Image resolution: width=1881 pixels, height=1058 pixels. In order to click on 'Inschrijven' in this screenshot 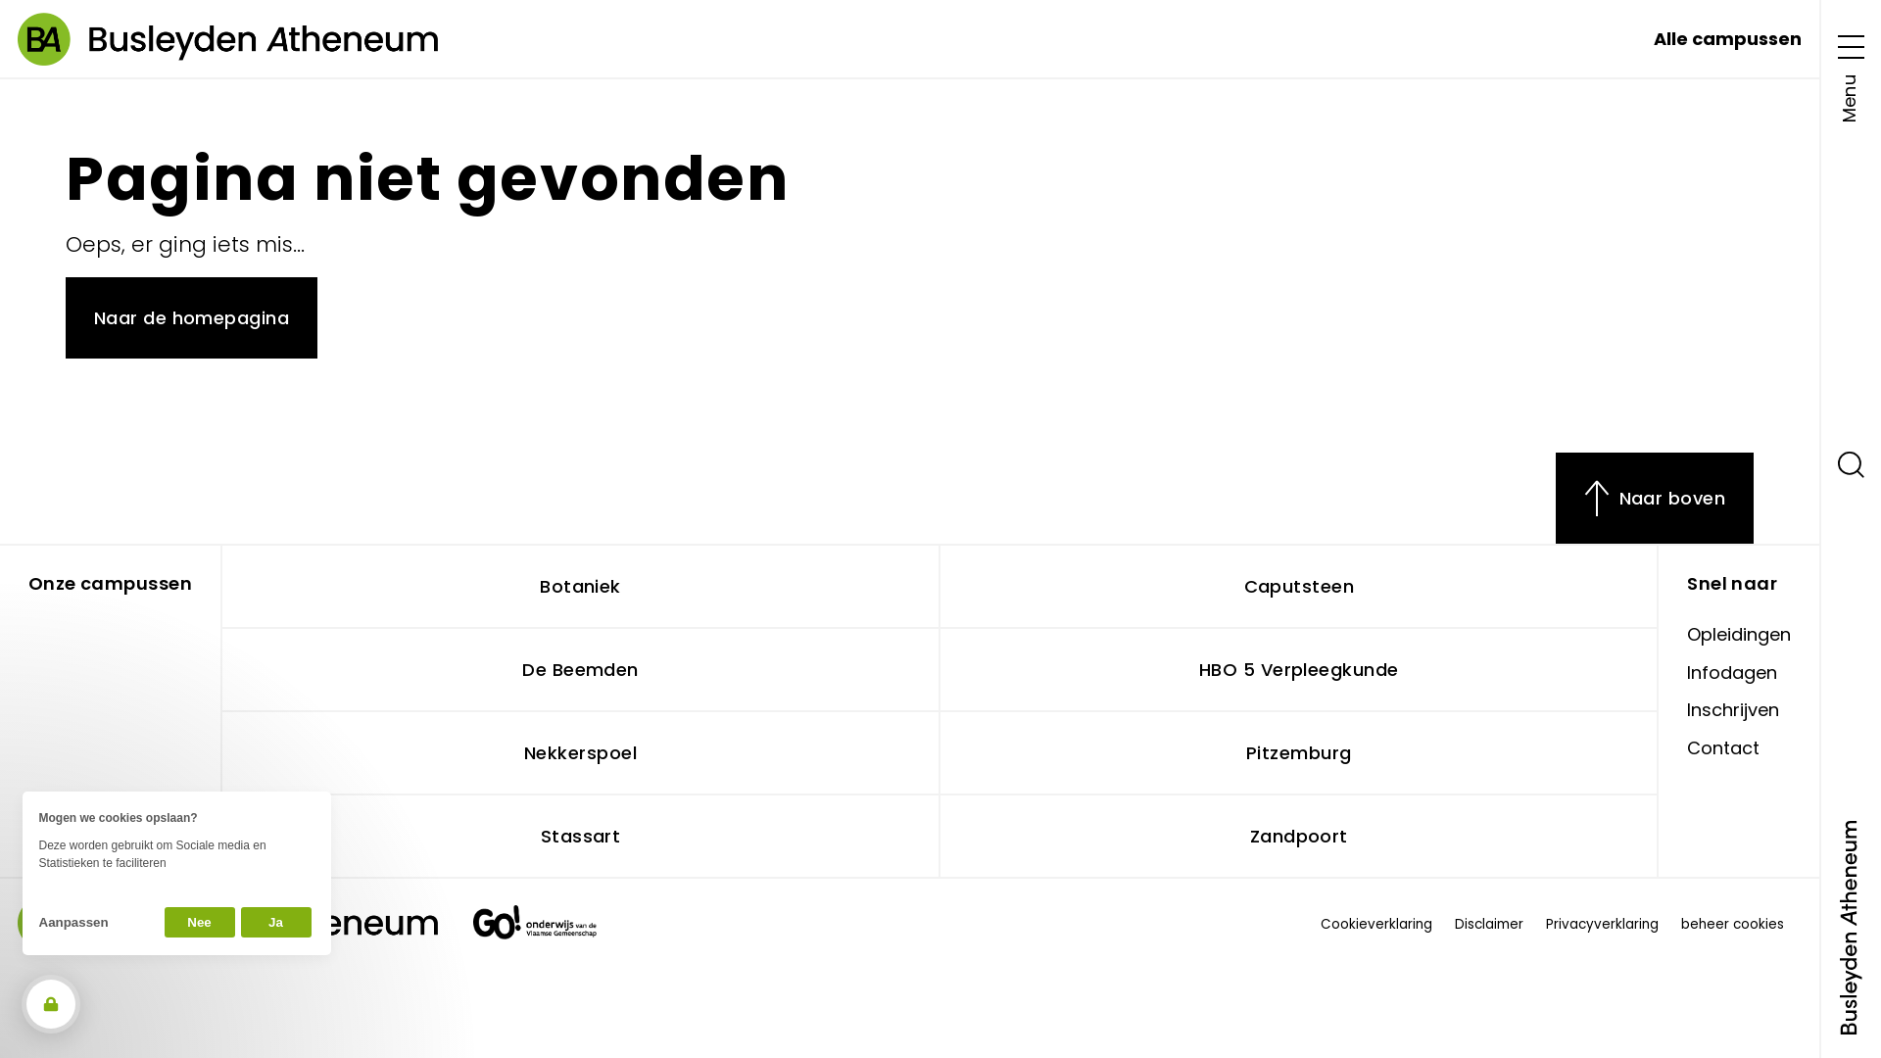, I will do `click(1686, 709)`.